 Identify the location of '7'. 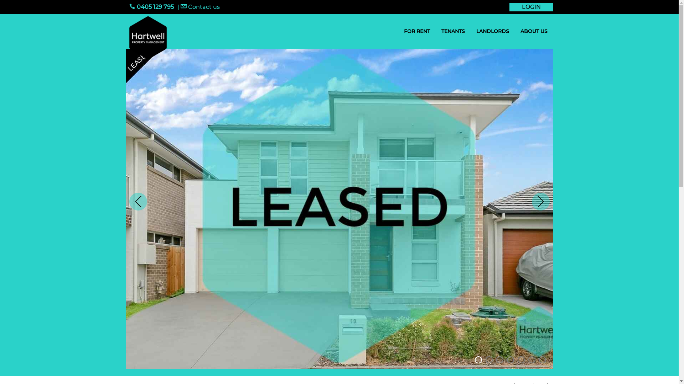
(541, 359).